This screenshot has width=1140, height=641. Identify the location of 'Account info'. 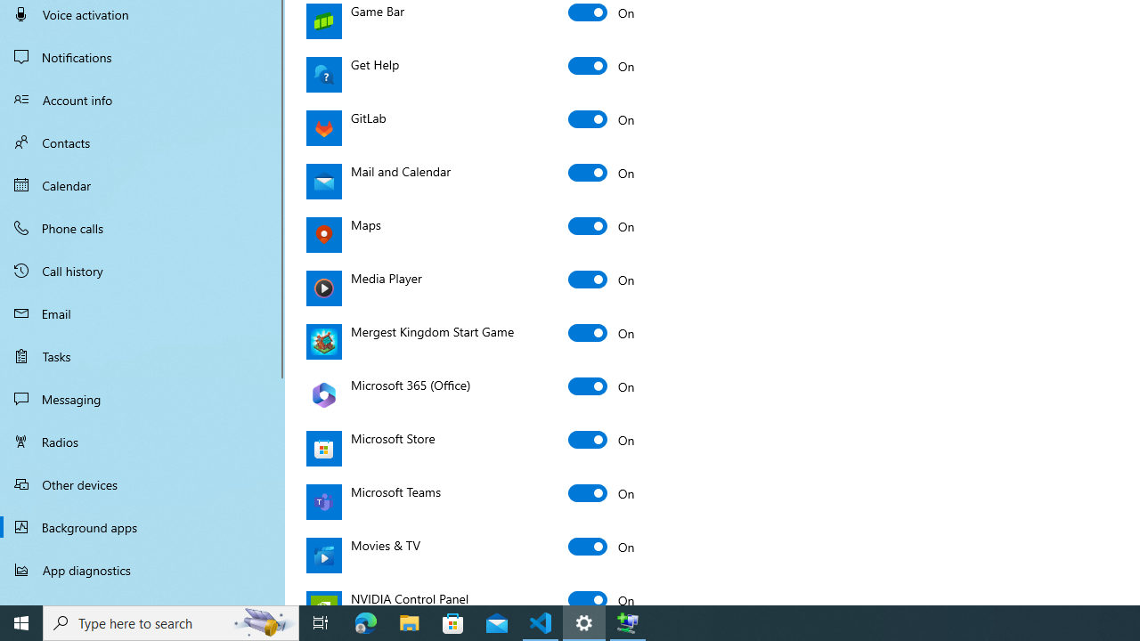
(142, 99).